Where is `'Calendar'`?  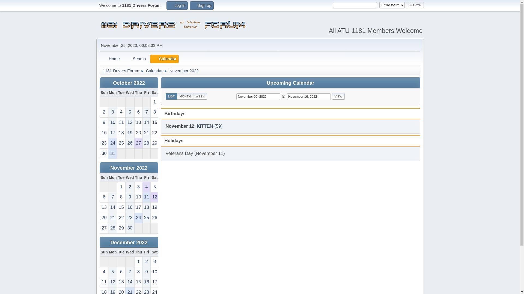 'Calendar' is located at coordinates (154, 69).